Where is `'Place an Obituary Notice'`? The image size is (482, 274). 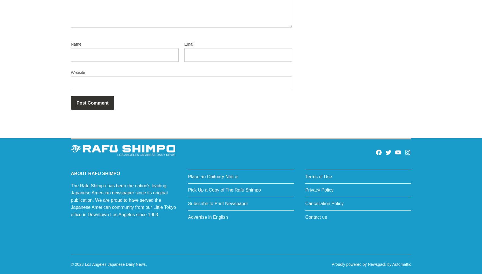
'Place an Obituary Notice' is located at coordinates (213, 176).